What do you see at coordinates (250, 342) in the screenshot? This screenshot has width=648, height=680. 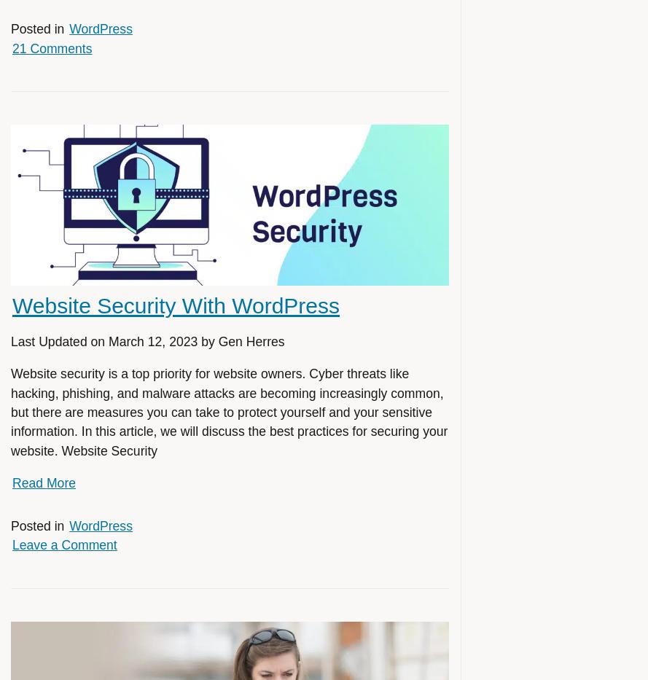 I see `'Gen Herres'` at bounding box center [250, 342].